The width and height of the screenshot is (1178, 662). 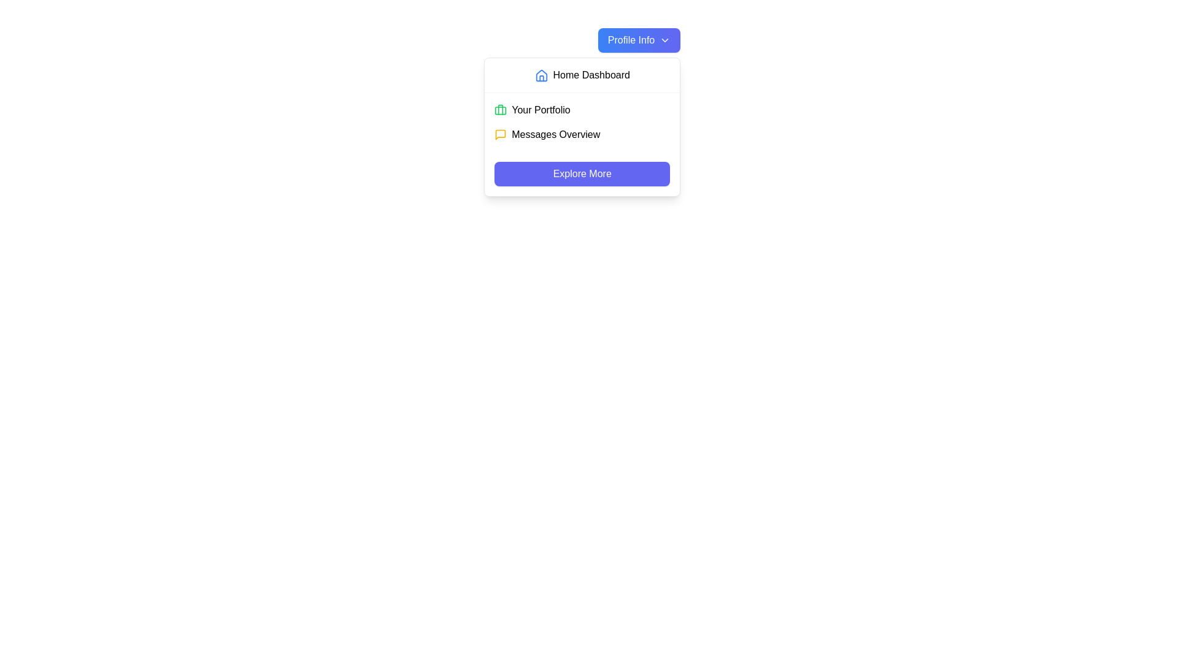 I want to click on the blue house icon located to the left of the 'Home Dashboard' text in the dropdown menu, so click(x=541, y=75).